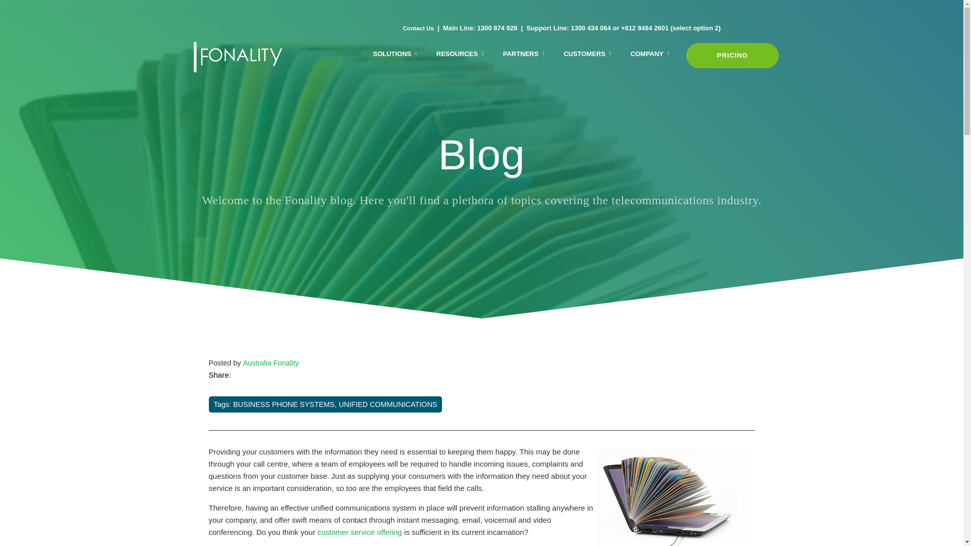  I want to click on 'customer service offering', so click(360, 531).